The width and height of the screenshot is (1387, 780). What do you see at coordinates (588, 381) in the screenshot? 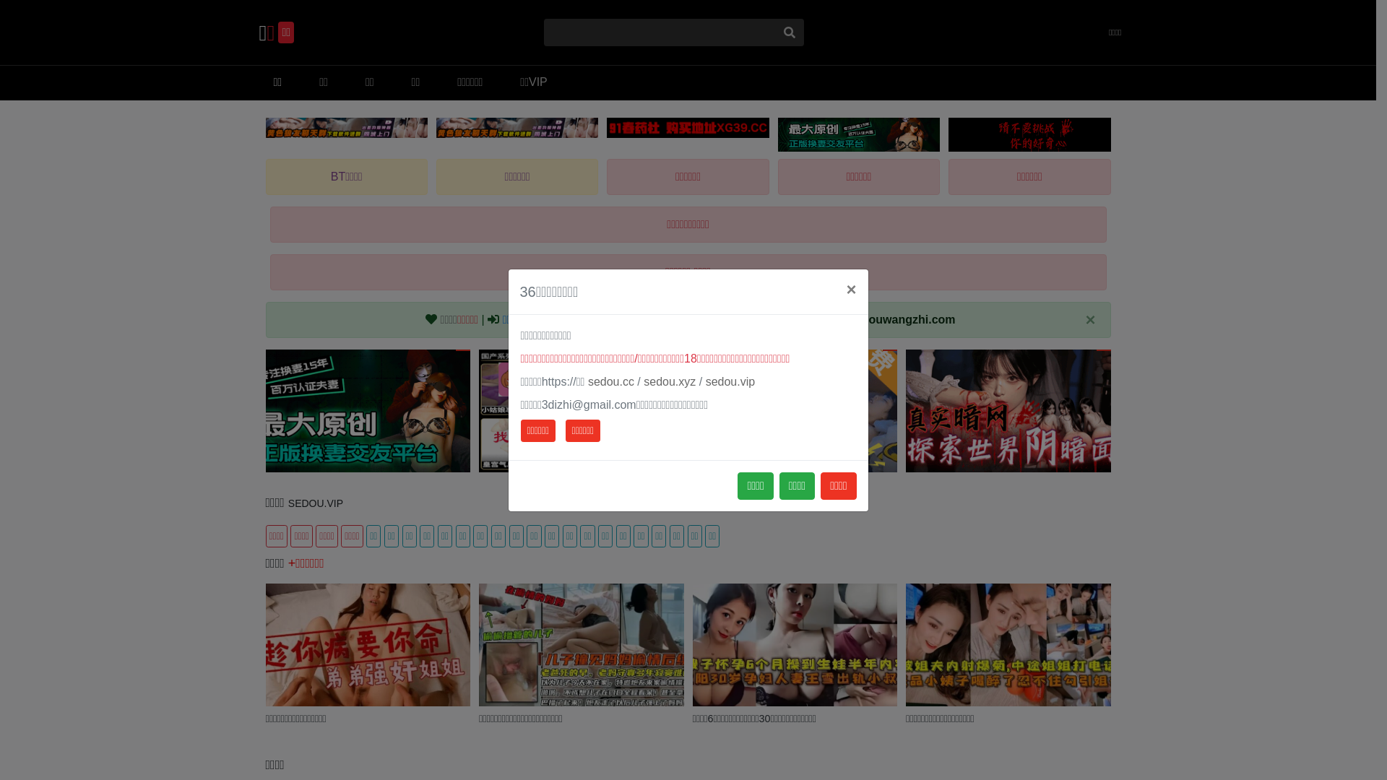
I see `'sedou.cc'` at bounding box center [588, 381].